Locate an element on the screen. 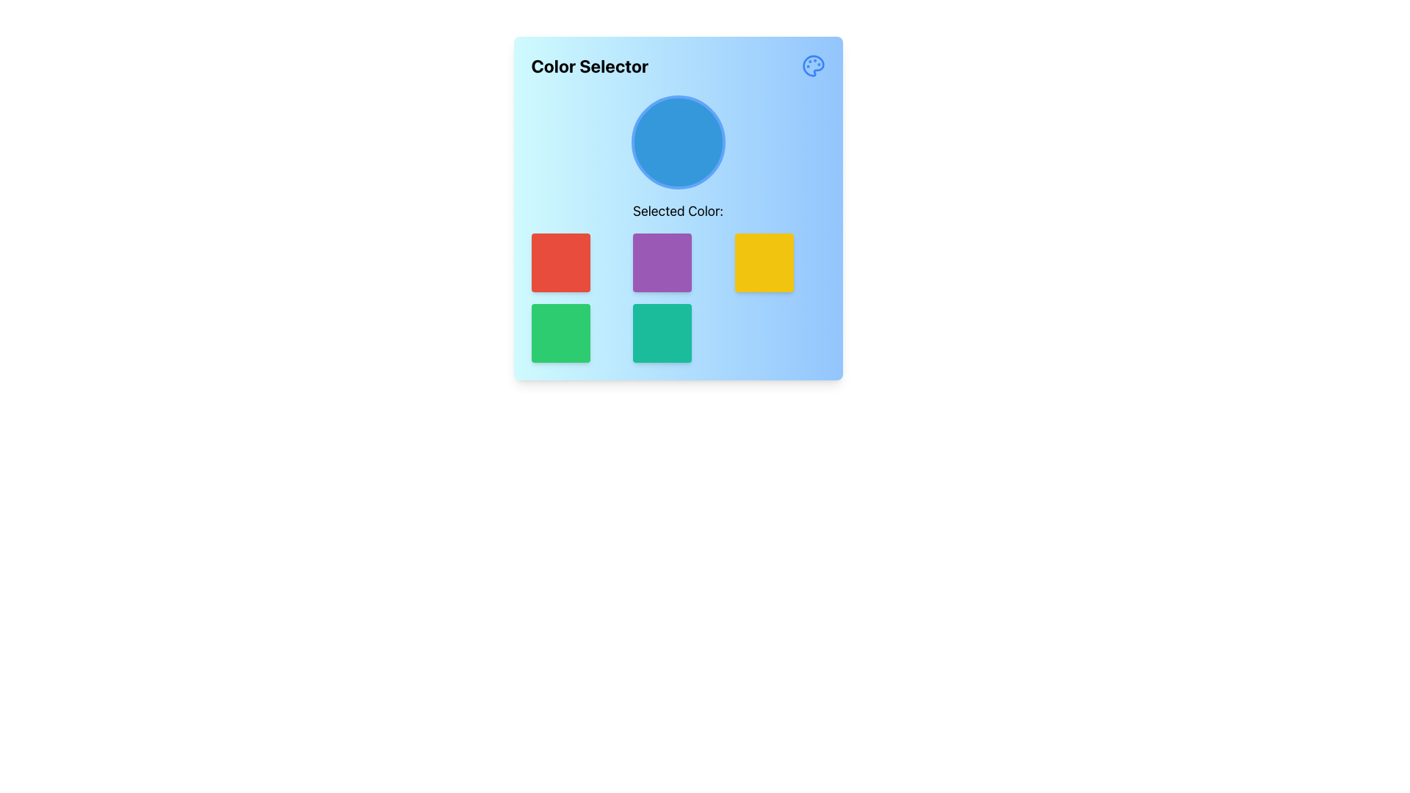 This screenshot has height=793, width=1410. the purple color selection button located in the middle column of the color selection tool to scale it is located at coordinates (677, 262).